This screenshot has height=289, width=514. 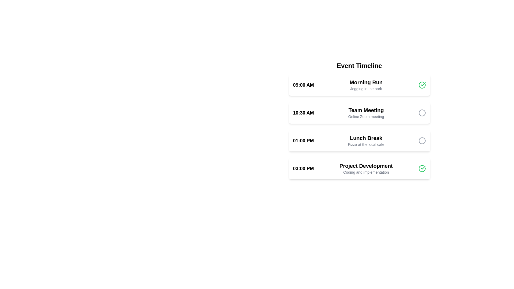 What do you see at coordinates (366, 172) in the screenshot?
I see `information from the text label describing the event 'Project Development' occurring at 03:00 PM, located below the 'Project Development' header in the event timeline` at bounding box center [366, 172].